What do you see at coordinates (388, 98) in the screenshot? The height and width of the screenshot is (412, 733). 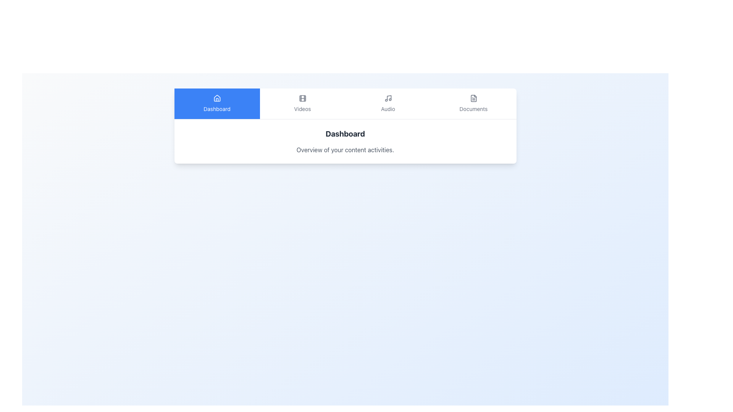 I see `the musical note icon in the navigation menu` at bounding box center [388, 98].